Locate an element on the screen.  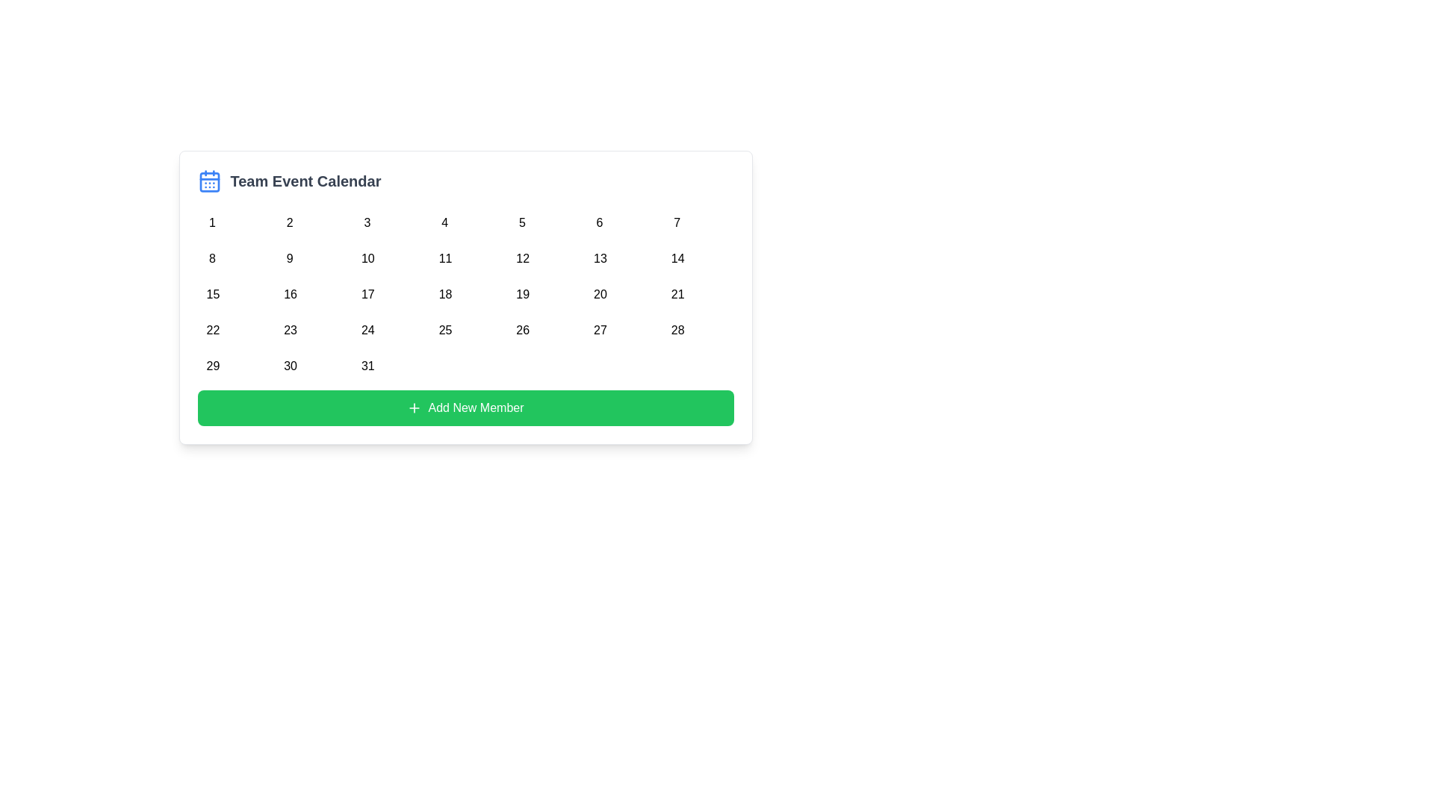
the icon on the left side of the green button labeled 'Add New Member' is located at coordinates (415, 408).